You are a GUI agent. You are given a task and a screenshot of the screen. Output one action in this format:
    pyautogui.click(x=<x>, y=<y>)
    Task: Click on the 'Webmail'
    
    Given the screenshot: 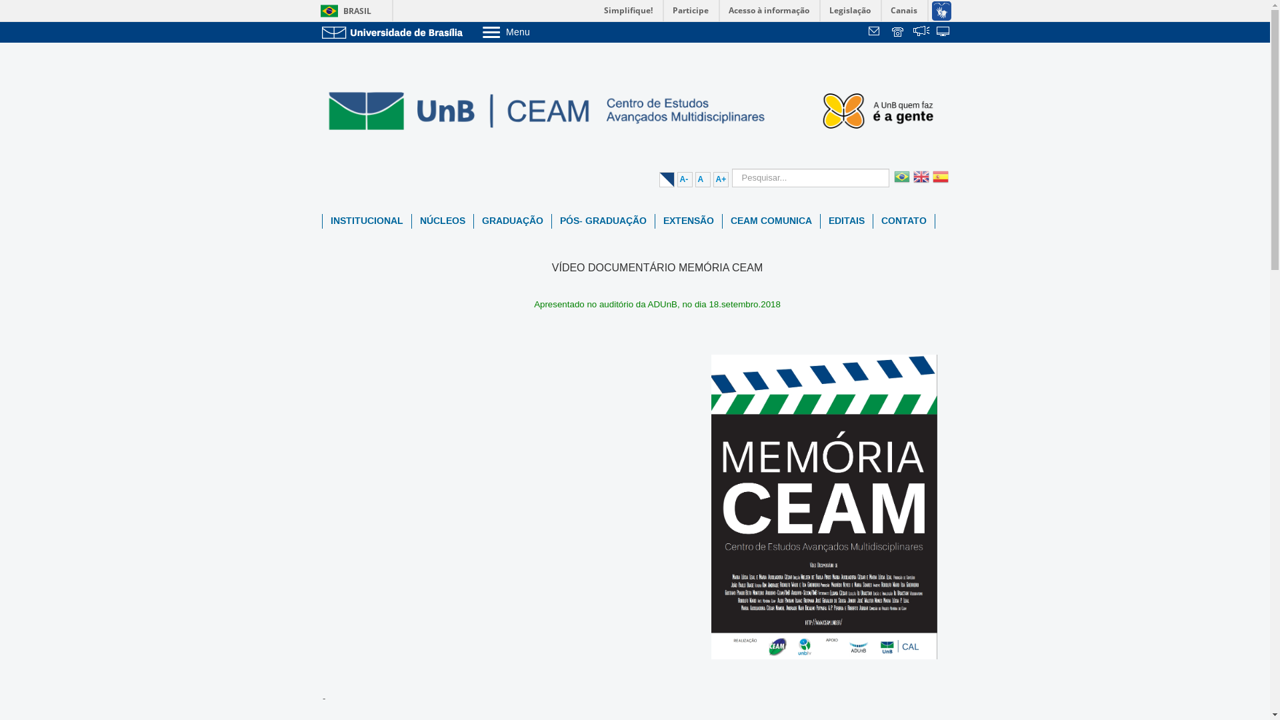 What is the action you would take?
    pyautogui.click(x=876, y=32)
    